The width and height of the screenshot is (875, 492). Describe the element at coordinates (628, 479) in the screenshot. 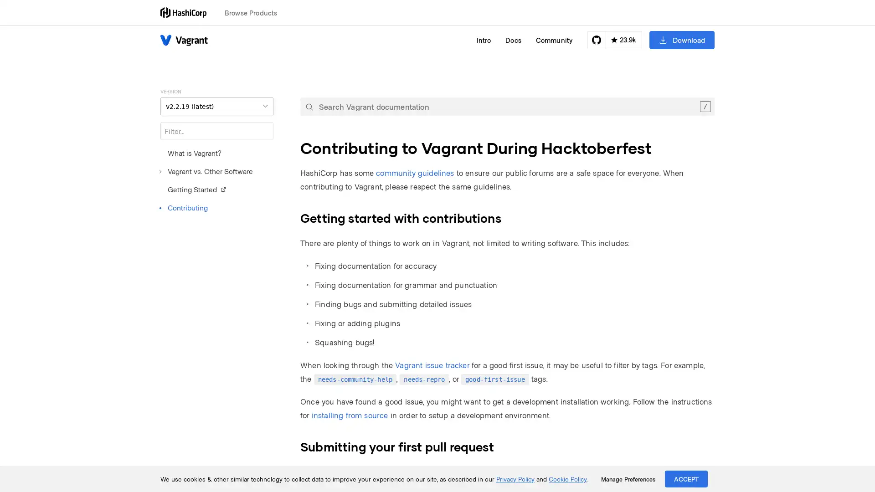

I see `Manage Preferences` at that location.